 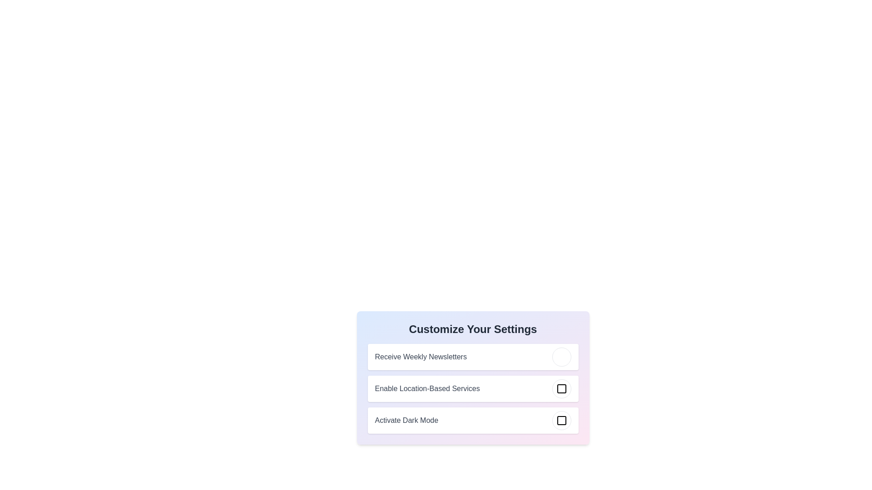 What do you see at coordinates (561, 420) in the screenshot?
I see `the checkbox for the 'Dark Mode' setting, which is located in the settings menu and aligns to the right of the option description` at bounding box center [561, 420].